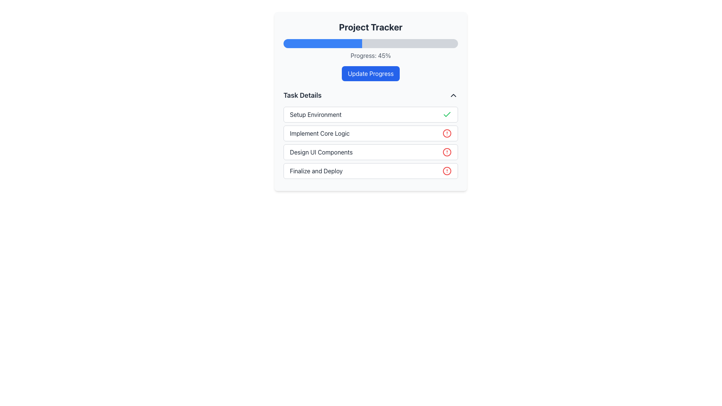  What do you see at coordinates (370, 114) in the screenshot?
I see `the task item labeled 'Setup Environment' with a green checkmark in the 'Task Details' section of the task tracker UI` at bounding box center [370, 114].